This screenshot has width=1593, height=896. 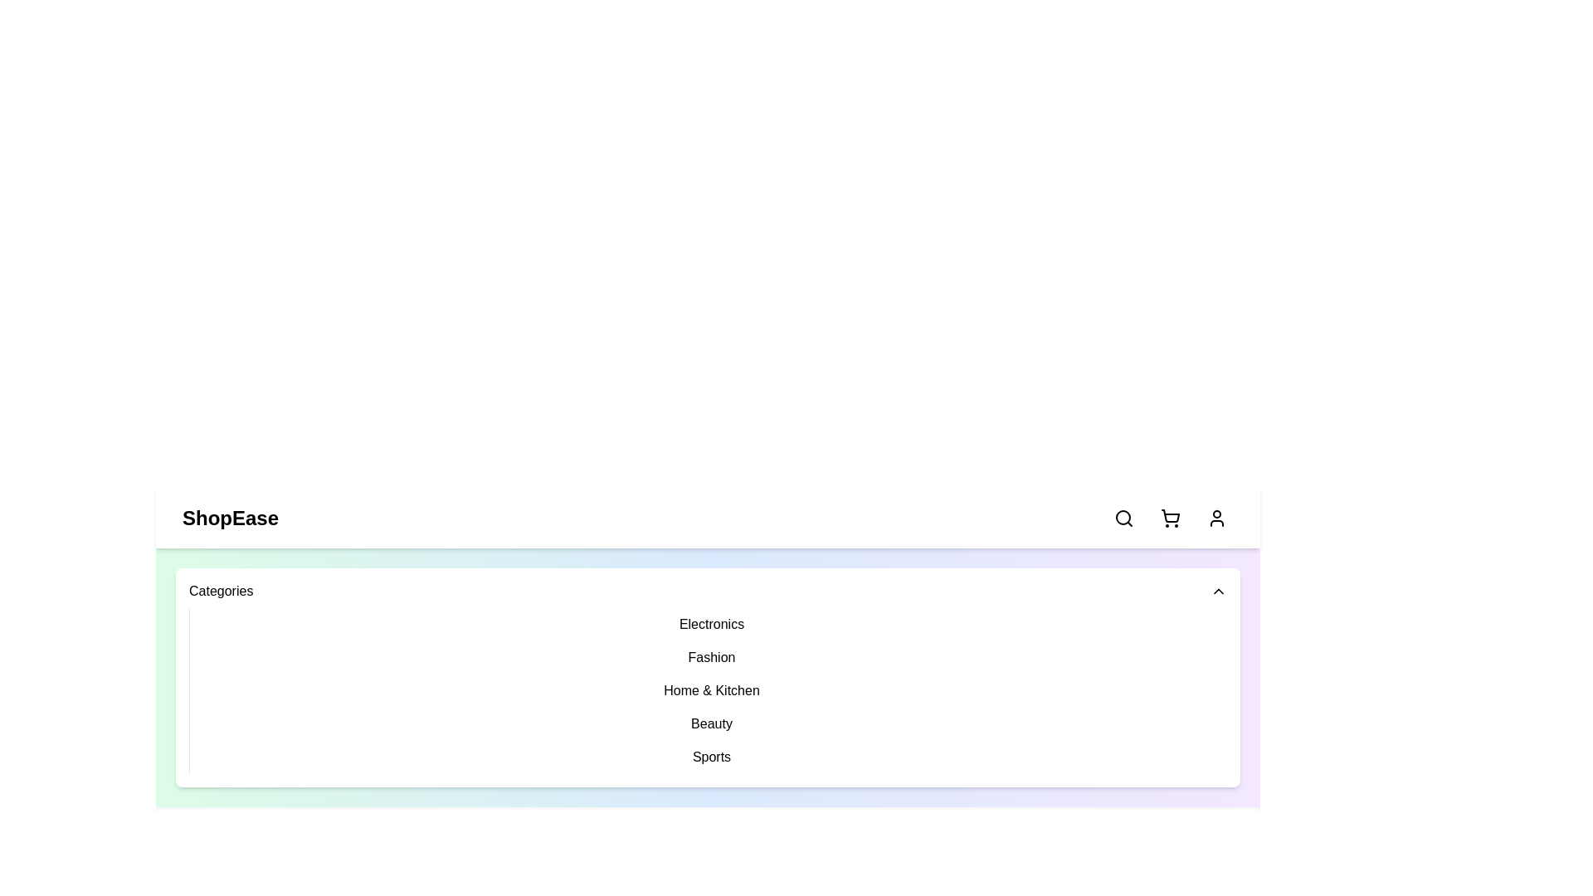 What do you see at coordinates (230, 517) in the screenshot?
I see `the 'ShopEase' title text which is bold and large, located in the top-left section of the header` at bounding box center [230, 517].